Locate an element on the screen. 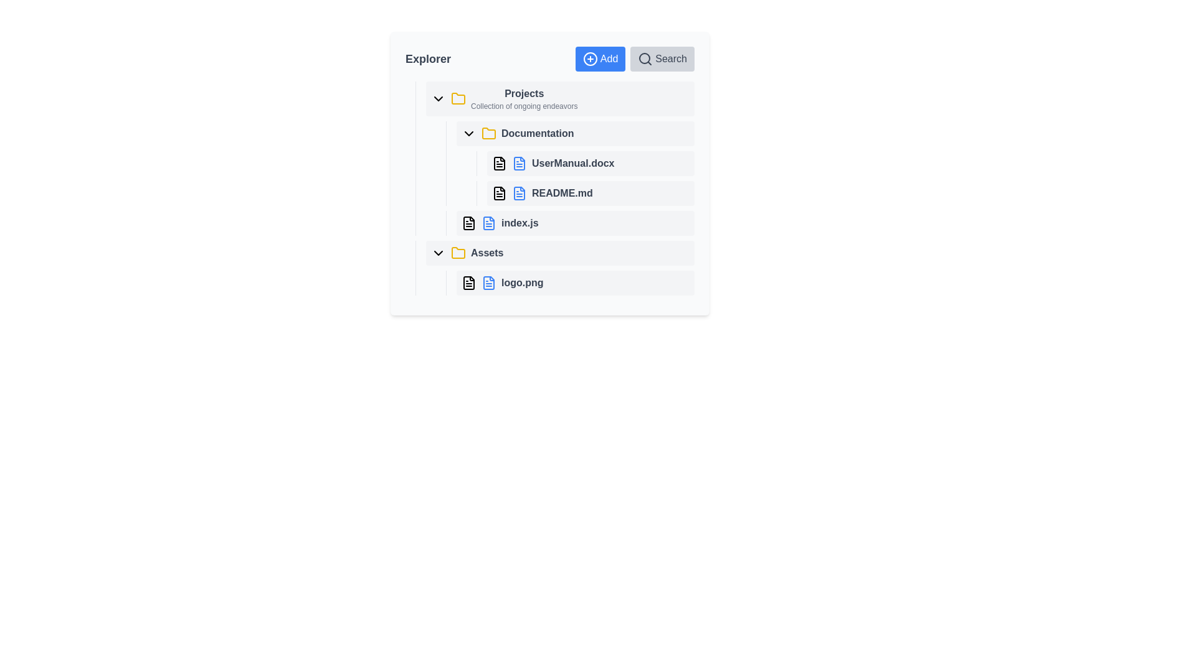  the circular part of the magnifying glass icon, which represents the search functionality in the user interface is located at coordinates (645, 58).